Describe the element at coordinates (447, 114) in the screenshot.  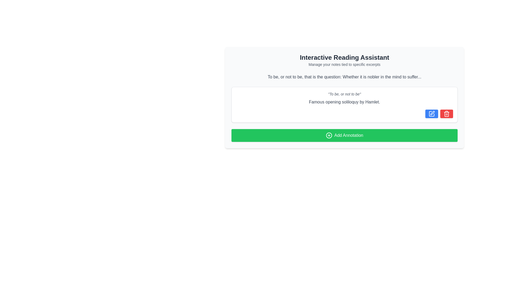
I see `the red trash icon button, which is square-shaped and represents a delete function` at that location.